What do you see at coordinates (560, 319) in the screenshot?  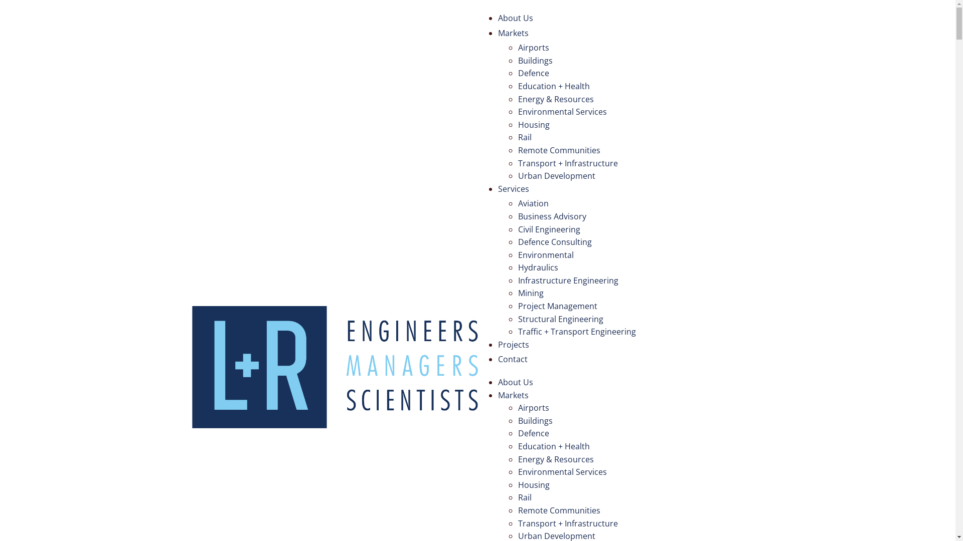 I see `'Structural Engineering'` at bounding box center [560, 319].